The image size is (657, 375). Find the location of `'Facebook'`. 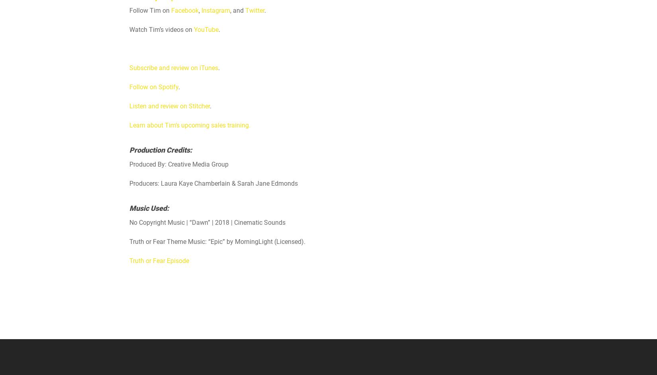

'Facebook' is located at coordinates (170, 10).